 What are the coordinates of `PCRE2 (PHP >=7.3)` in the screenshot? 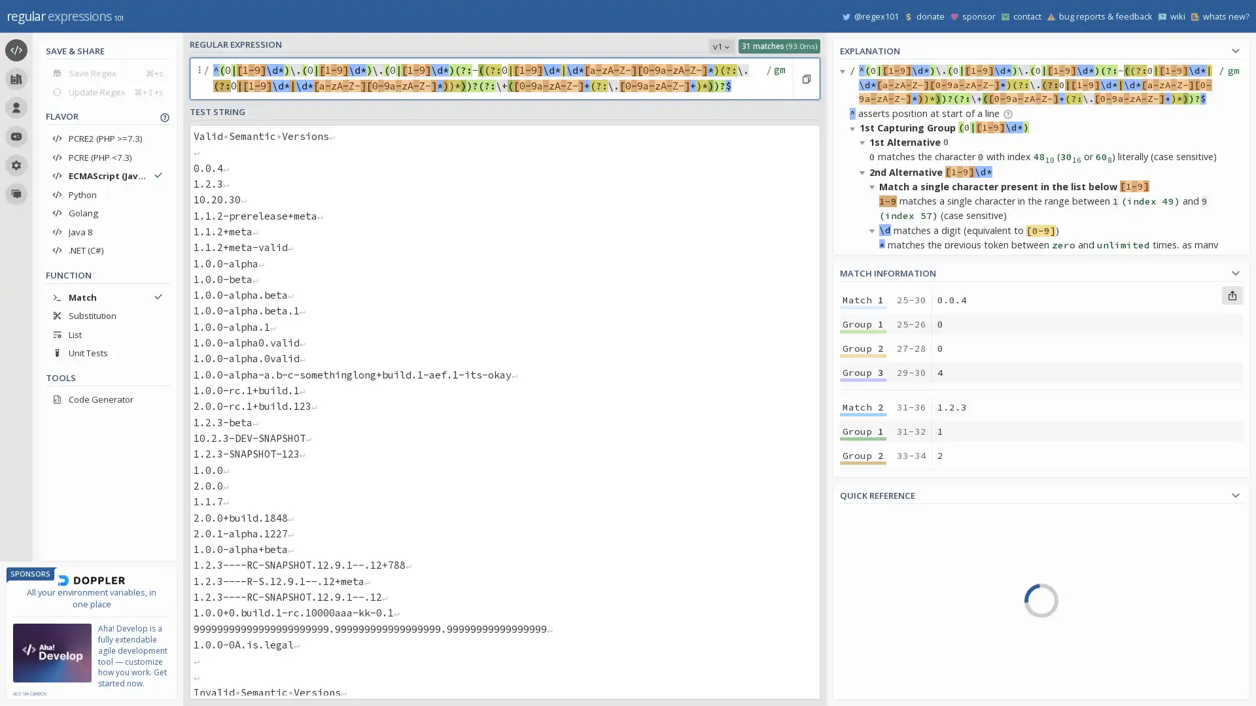 It's located at (107, 139).